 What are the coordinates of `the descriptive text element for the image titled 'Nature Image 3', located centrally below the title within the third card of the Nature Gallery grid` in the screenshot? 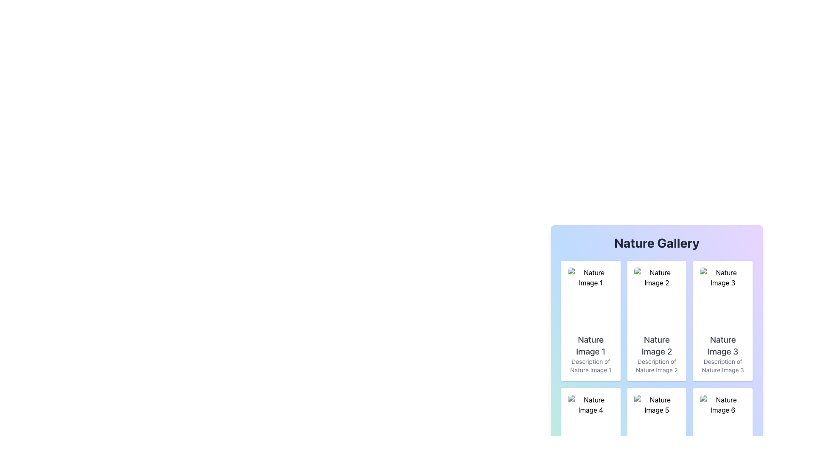 It's located at (722, 366).